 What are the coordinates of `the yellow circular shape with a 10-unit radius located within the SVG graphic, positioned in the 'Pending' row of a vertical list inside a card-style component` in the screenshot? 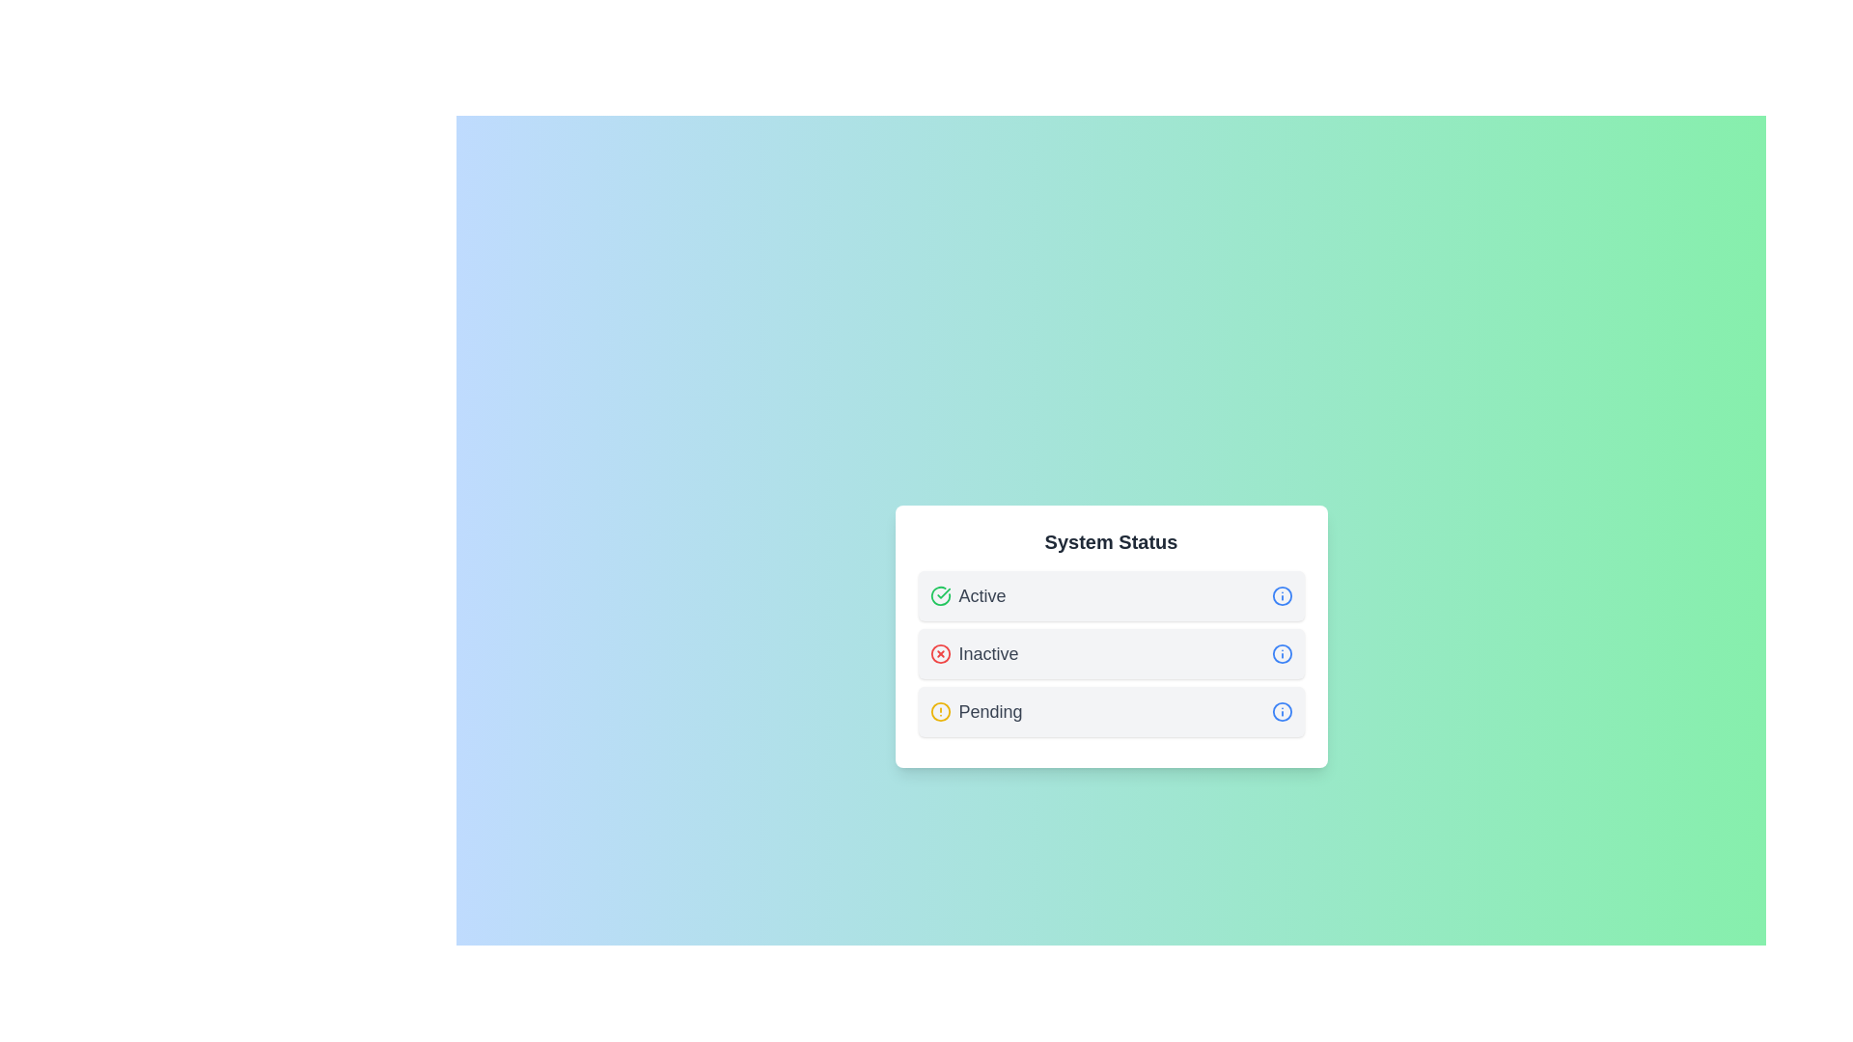 It's located at (940, 711).